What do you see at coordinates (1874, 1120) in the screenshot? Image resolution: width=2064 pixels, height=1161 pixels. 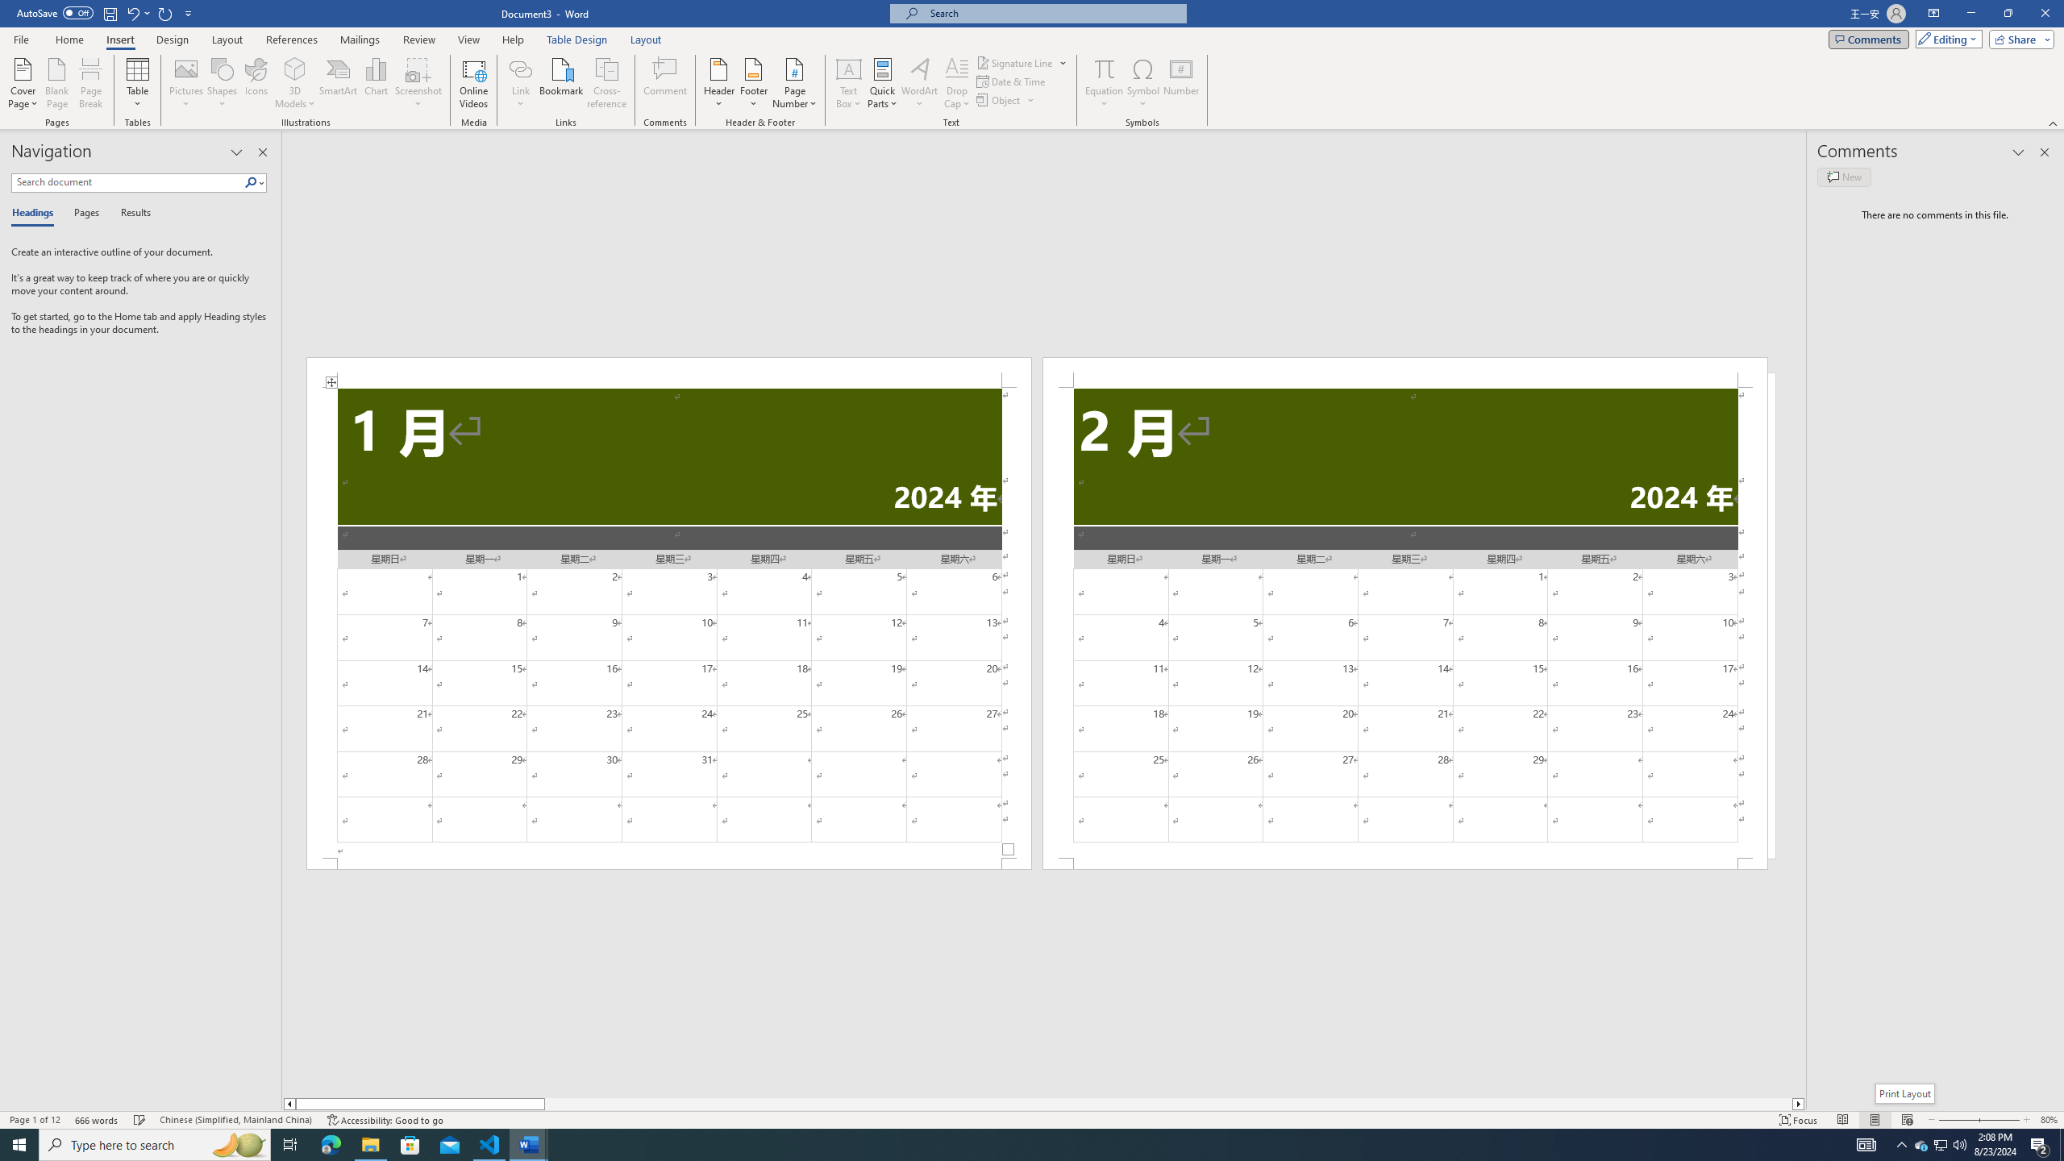 I see `'Print Layout'` at bounding box center [1874, 1120].